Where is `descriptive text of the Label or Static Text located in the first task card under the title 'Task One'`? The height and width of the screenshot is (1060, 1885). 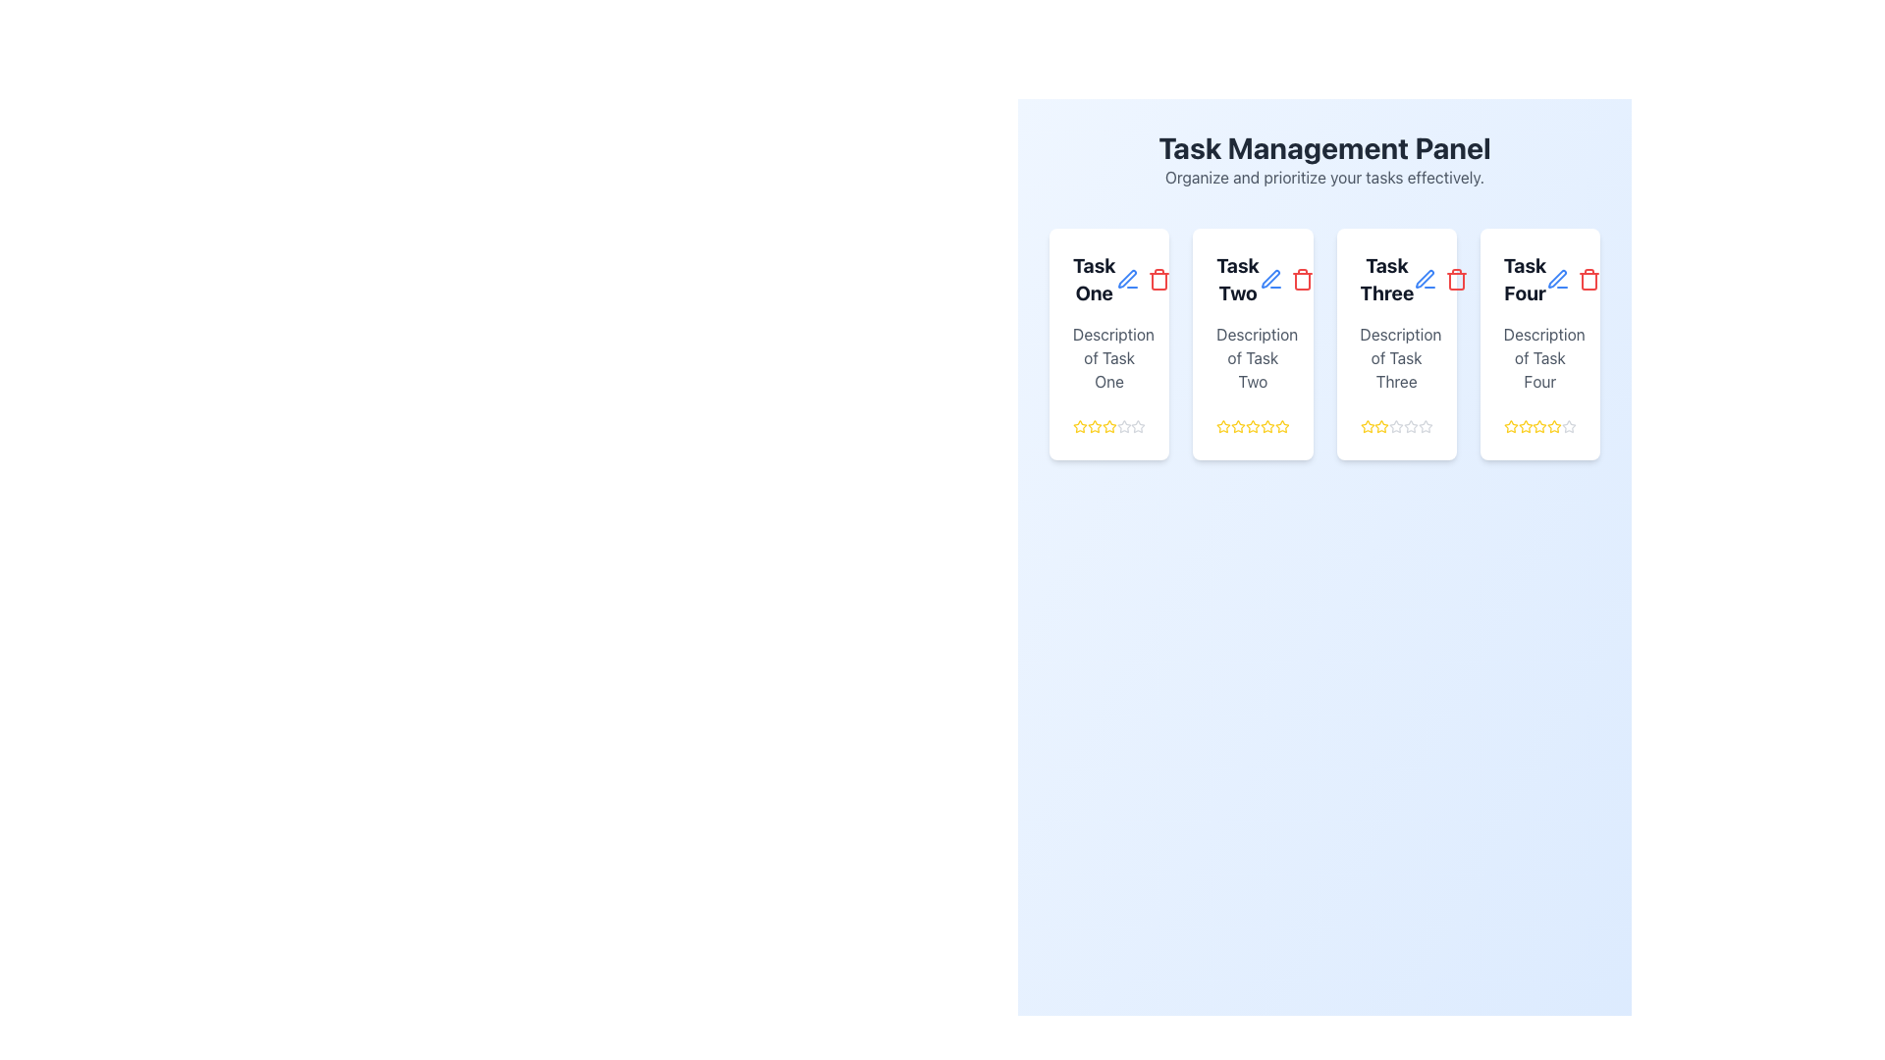
descriptive text of the Label or Static Text located in the first task card under the title 'Task One' is located at coordinates (1109, 358).